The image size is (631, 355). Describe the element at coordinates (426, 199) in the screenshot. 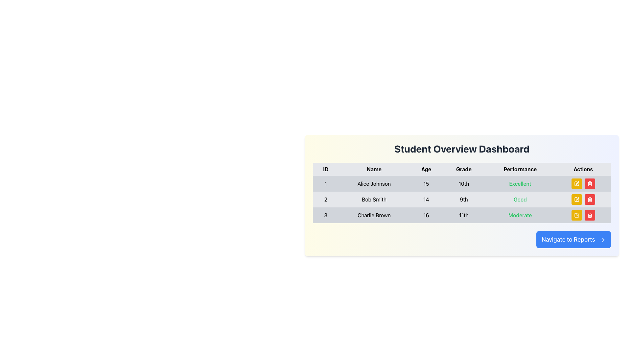

I see `the 'Age' text block for student 'Bob Smith' located in the second row of the table displaying student information` at that location.